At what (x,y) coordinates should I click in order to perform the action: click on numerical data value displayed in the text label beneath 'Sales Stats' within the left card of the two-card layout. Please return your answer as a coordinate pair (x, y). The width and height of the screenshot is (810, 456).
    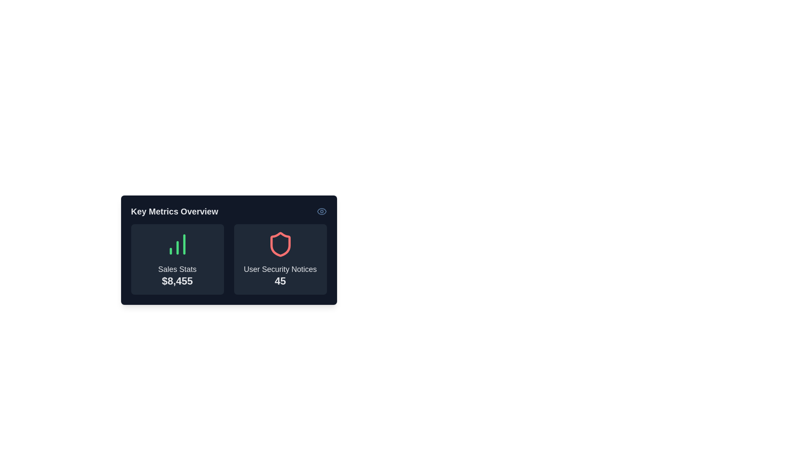
    Looking at the image, I should click on (177, 281).